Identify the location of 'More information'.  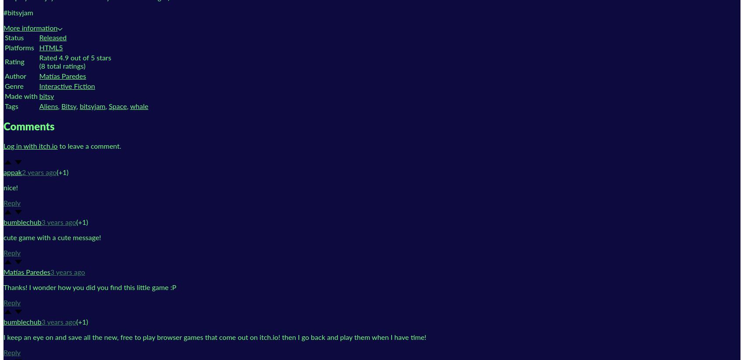
(30, 28).